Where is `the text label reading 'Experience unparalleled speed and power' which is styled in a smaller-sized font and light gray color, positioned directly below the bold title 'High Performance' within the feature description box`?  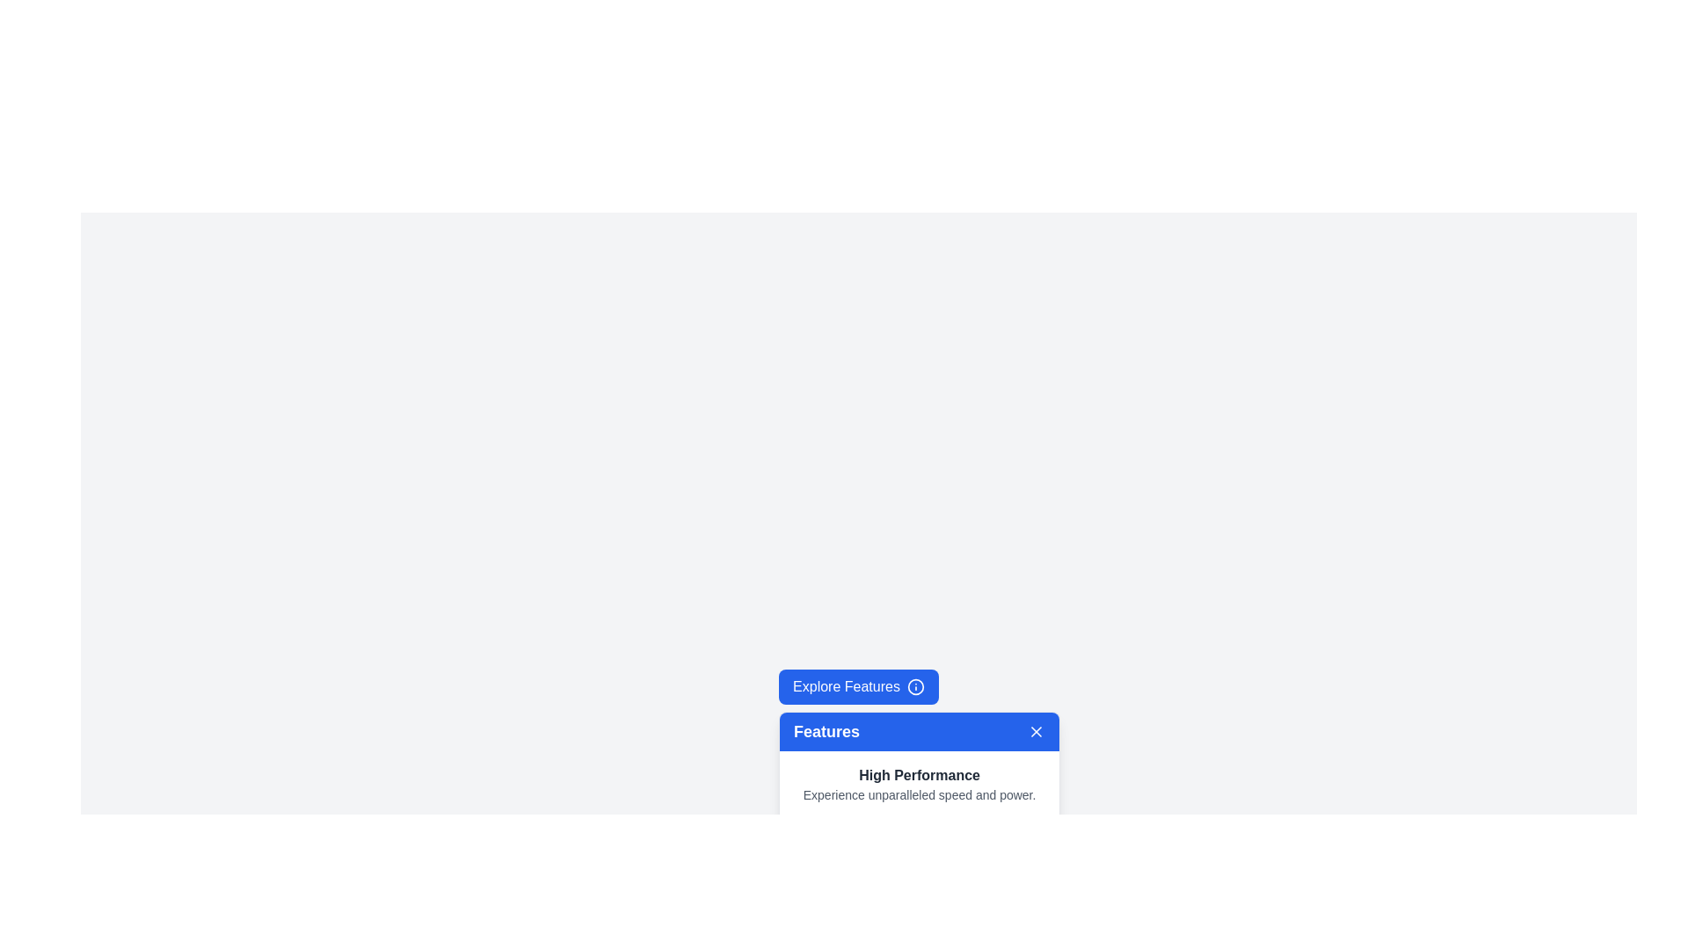 the text label reading 'Experience unparalleled speed and power' which is styled in a smaller-sized font and light gray color, positioned directly below the bold title 'High Performance' within the feature description box is located at coordinates (919, 795).